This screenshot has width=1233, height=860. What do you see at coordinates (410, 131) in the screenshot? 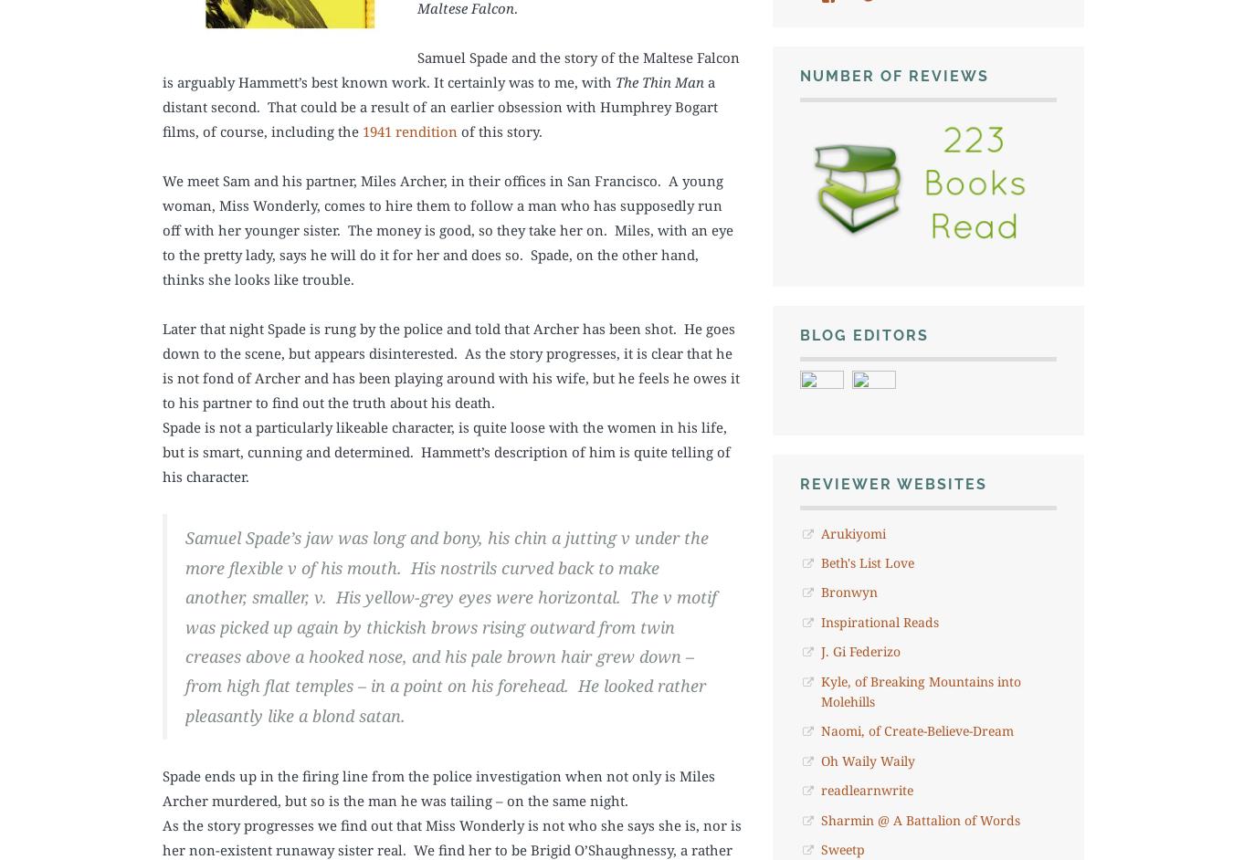
I see `'1941 rendition'` at bounding box center [410, 131].